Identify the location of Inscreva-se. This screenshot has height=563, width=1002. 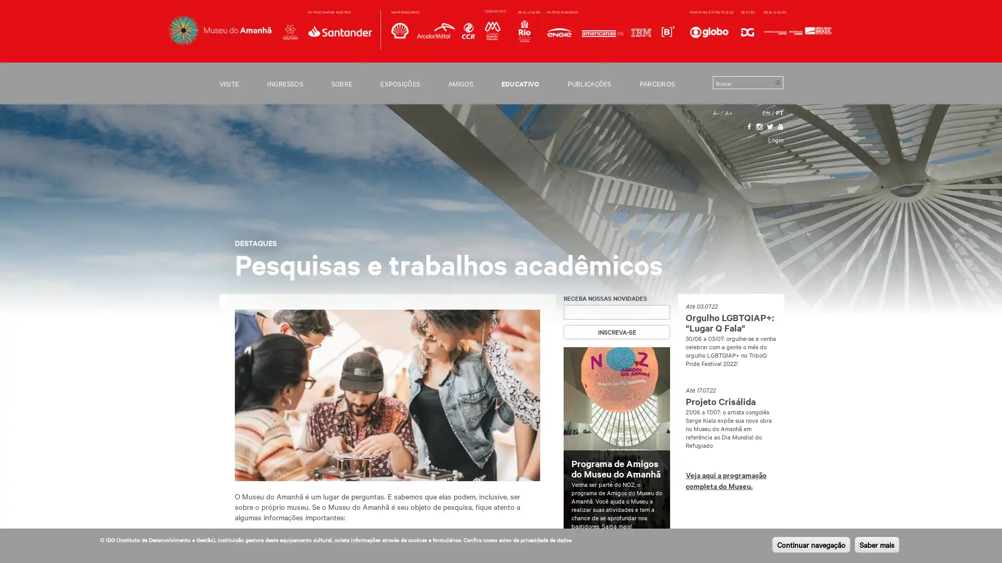
(616, 332).